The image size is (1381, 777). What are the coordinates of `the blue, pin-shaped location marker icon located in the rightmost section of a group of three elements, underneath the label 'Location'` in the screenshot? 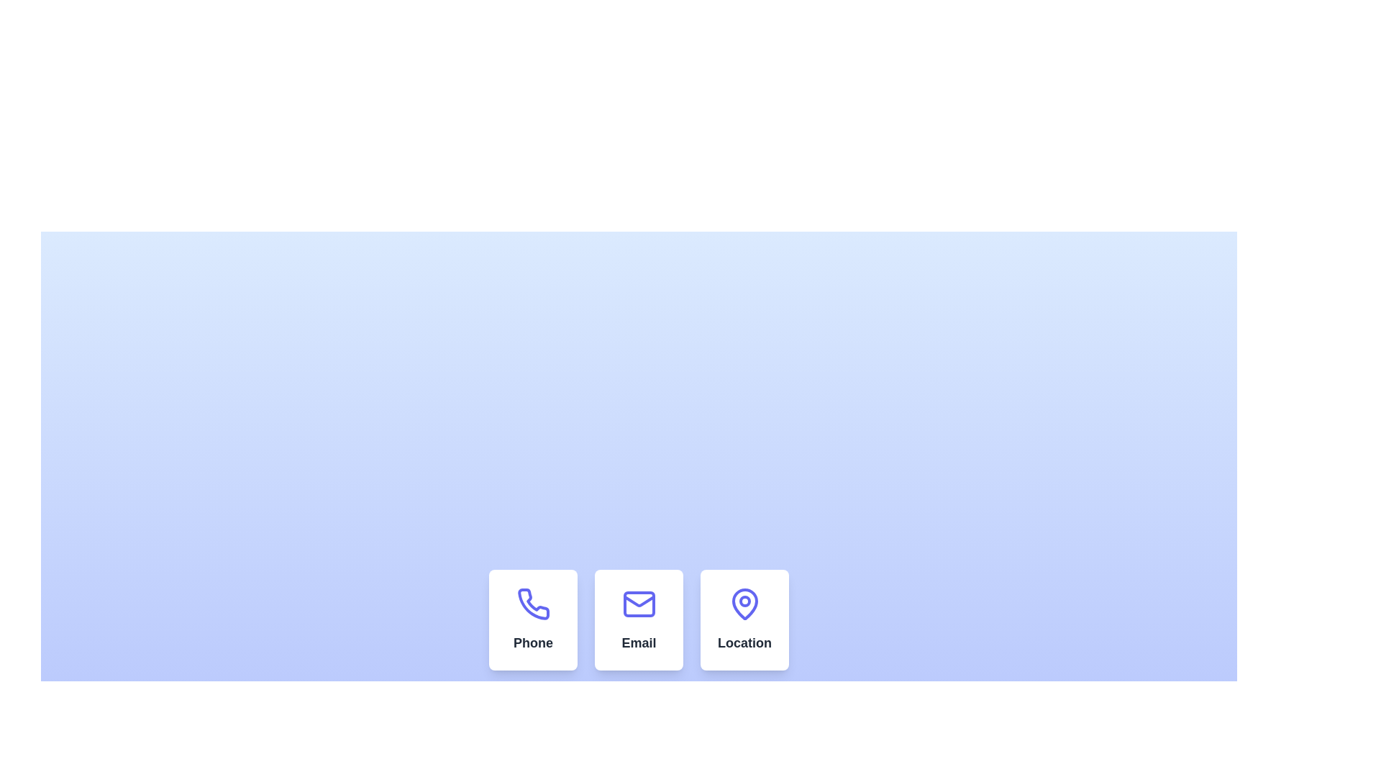 It's located at (744, 604).